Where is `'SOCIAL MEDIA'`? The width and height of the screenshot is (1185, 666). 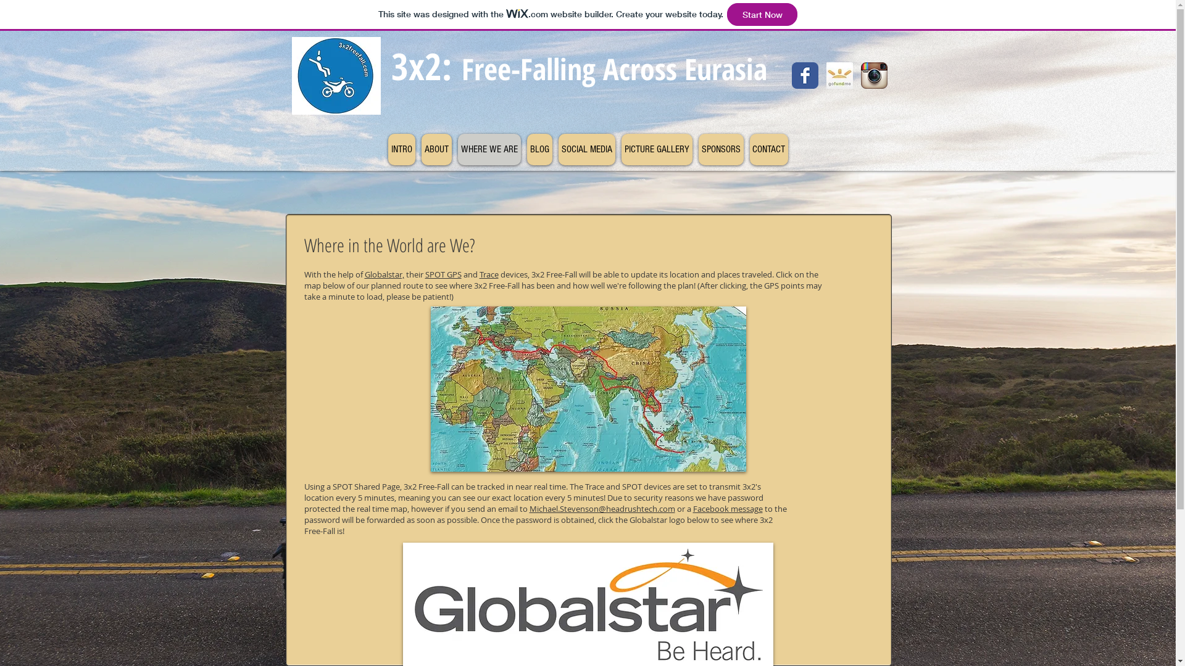 'SOCIAL MEDIA' is located at coordinates (557, 149).